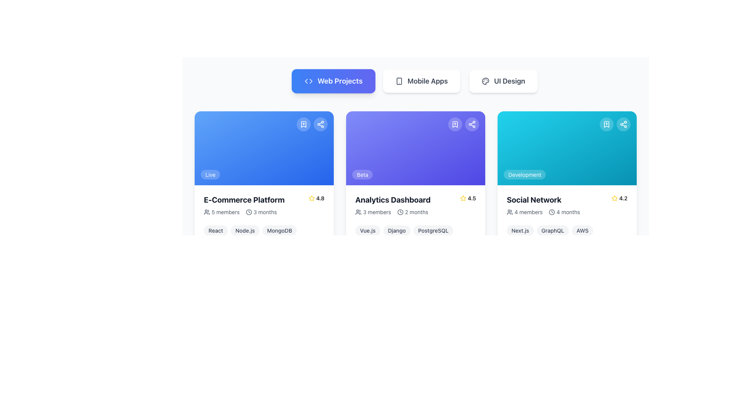  I want to click on the left arrow graphic element, which is part of a pair of arrows inside an SVG element, located near the top left corner of the 'Web Projects' button, so click(306, 81).